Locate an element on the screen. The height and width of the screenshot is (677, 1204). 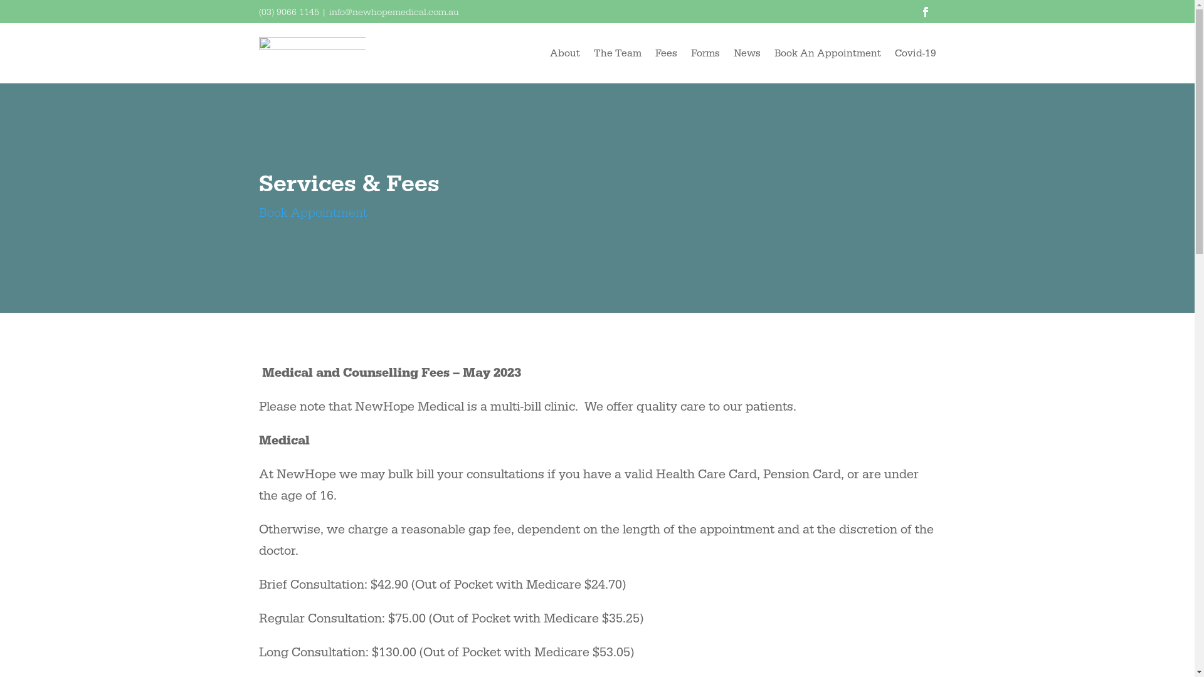
'News' is located at coordinates (747, 52).